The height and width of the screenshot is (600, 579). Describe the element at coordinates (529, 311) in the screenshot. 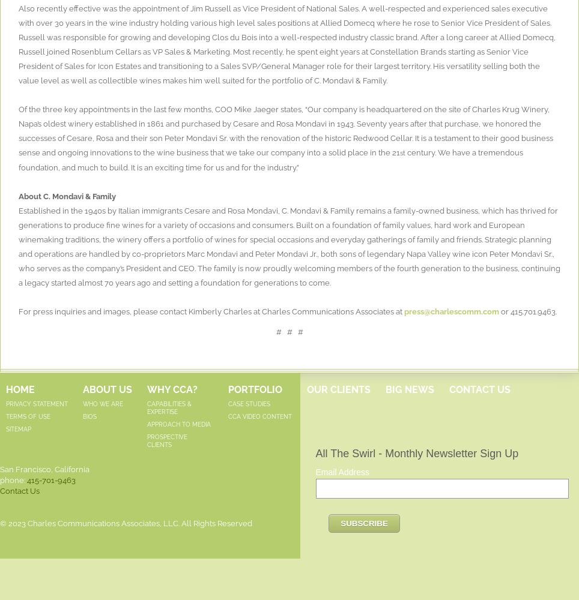

I see `'or 415.701.9463.'` at that location.